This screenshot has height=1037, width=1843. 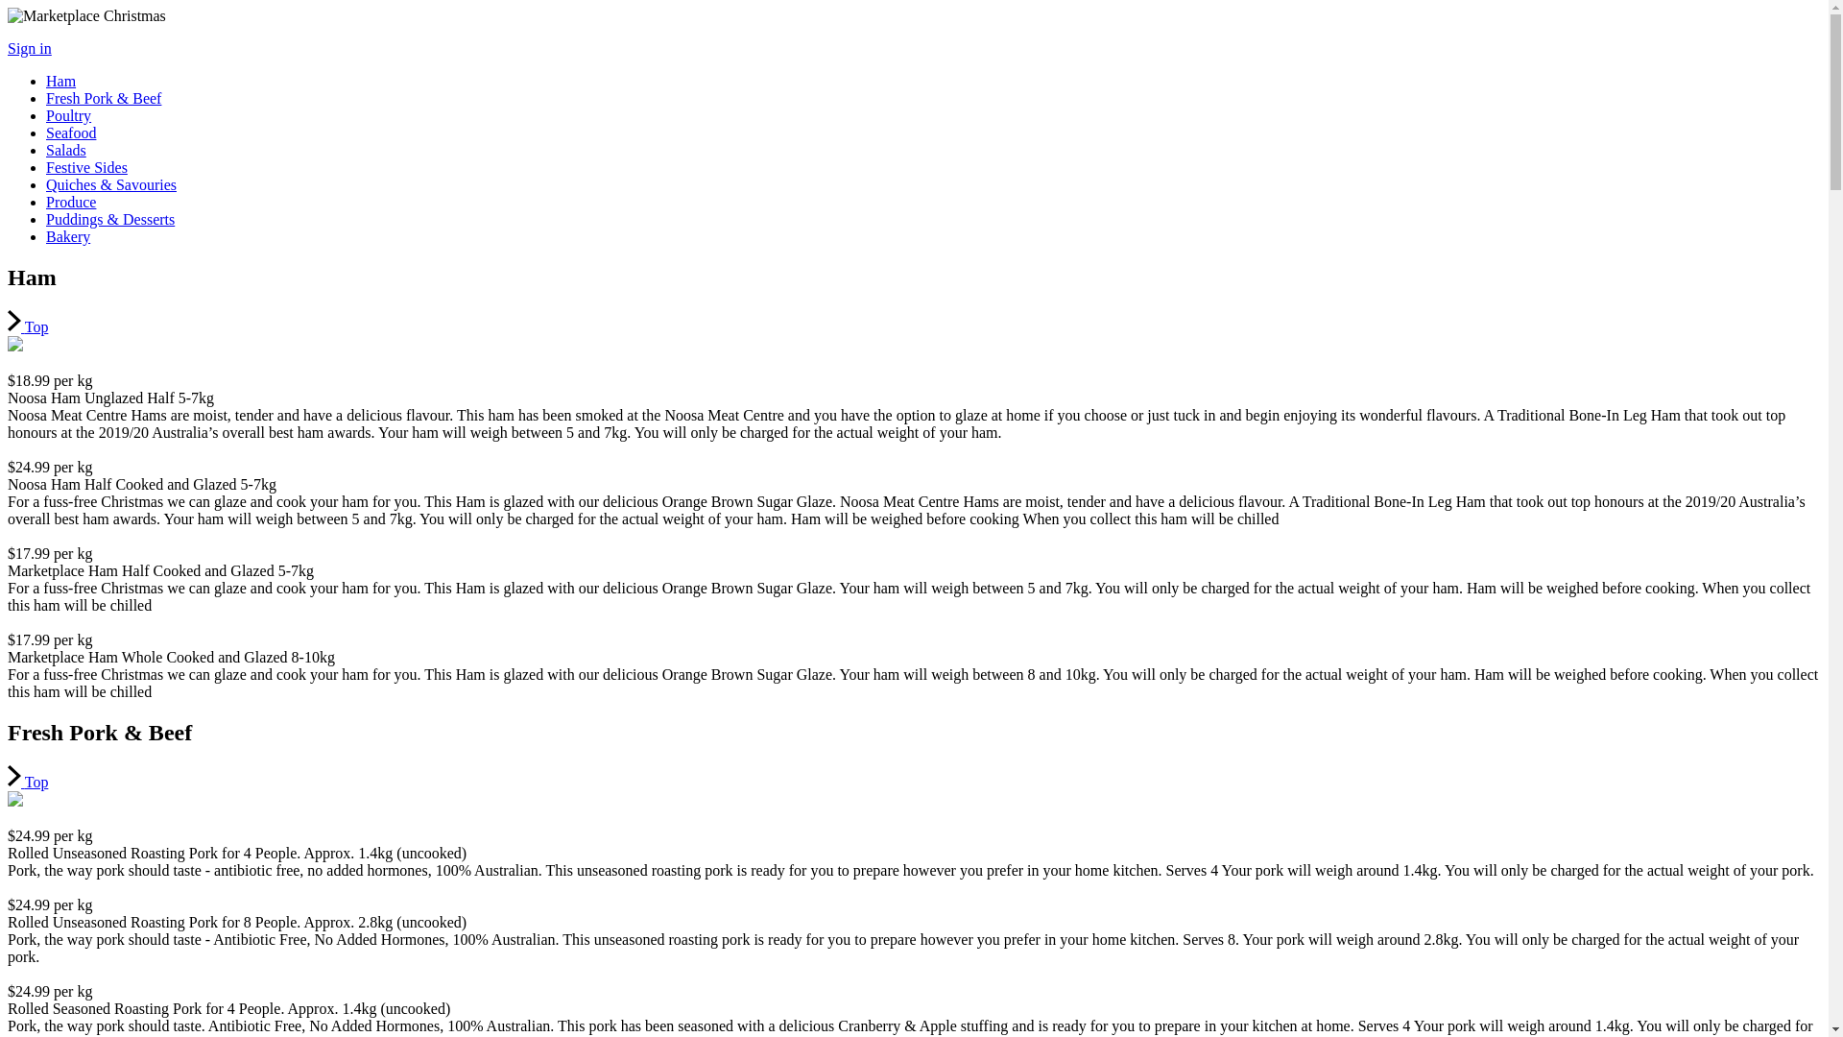 What do you see at coordinates (46, 132) in the screenshot?
I see `'Seafood'` at bounding box center [46, 132].